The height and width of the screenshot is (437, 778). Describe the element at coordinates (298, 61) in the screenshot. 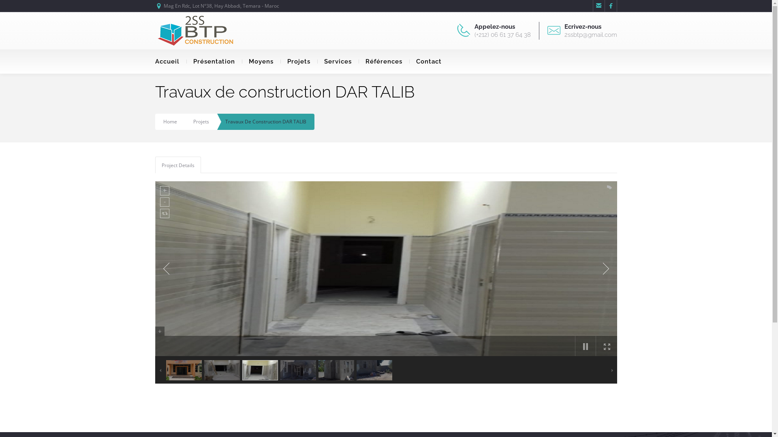

I see `'Projets'` at that location.